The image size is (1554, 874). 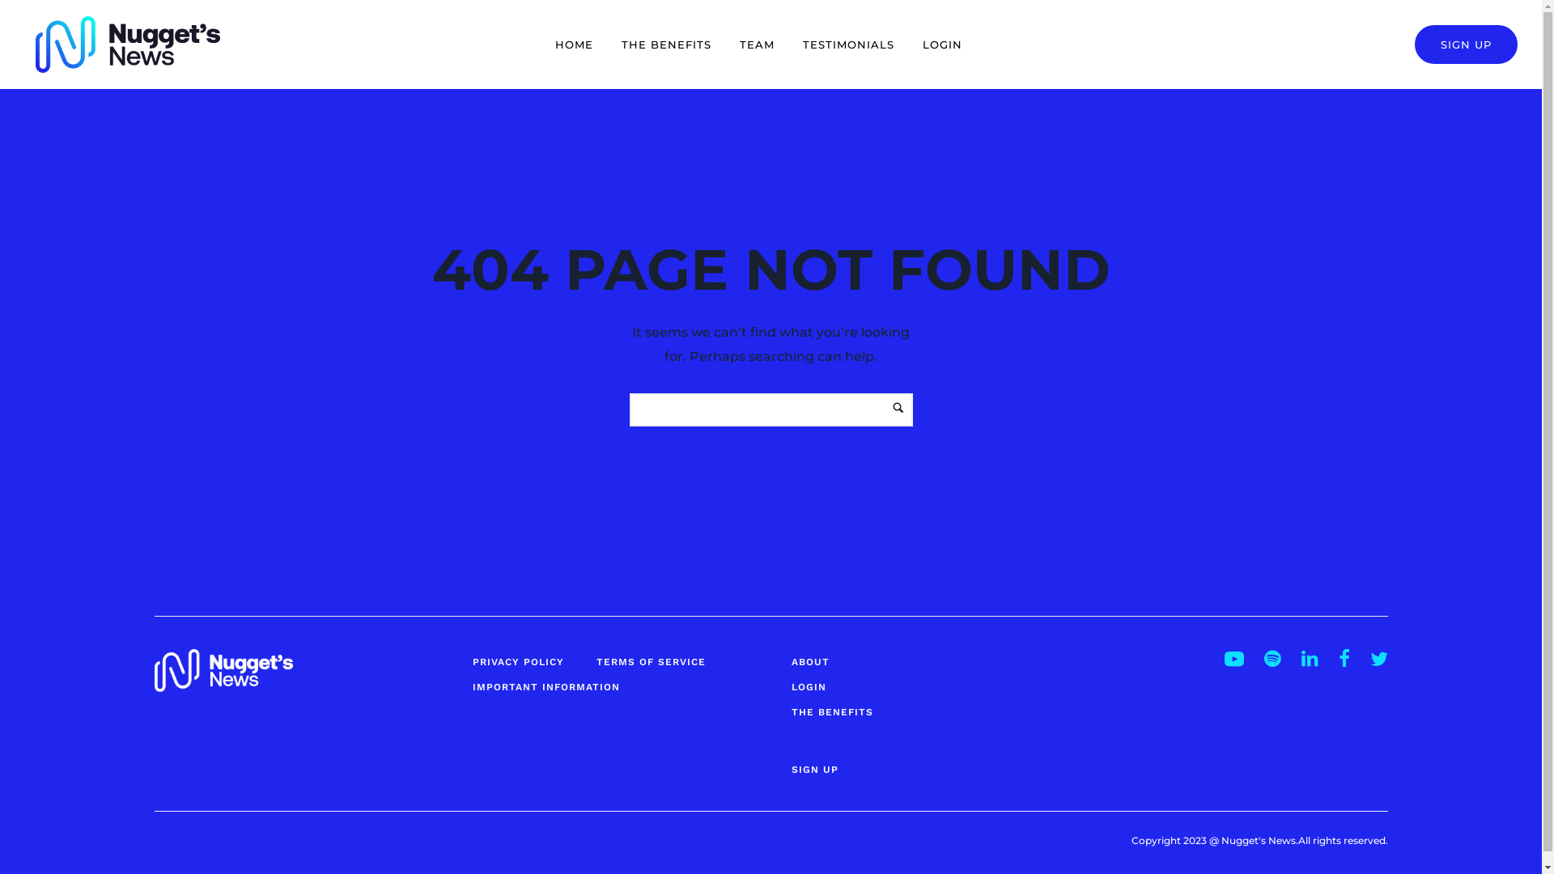 I want to click on 'ABOUT', so click(x=792, y=661).